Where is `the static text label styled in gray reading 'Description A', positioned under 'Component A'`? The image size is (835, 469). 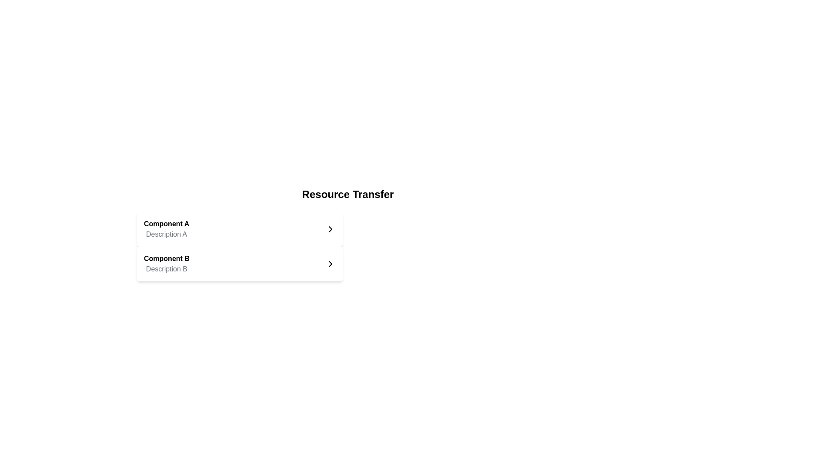 the static text label styled in gray reading 'Description A', positioned under 'Component A' is located at coordinates (167, 234).